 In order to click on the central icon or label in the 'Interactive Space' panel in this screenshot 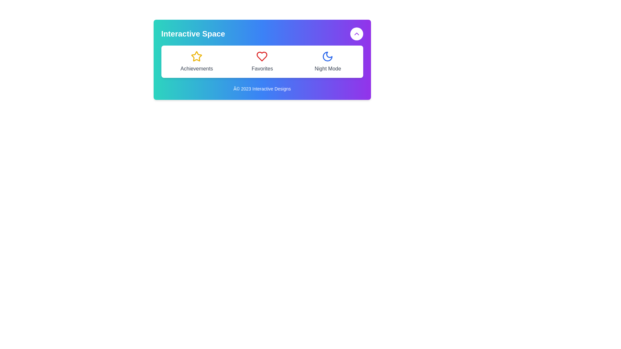, I will do `click(262, 62)`.